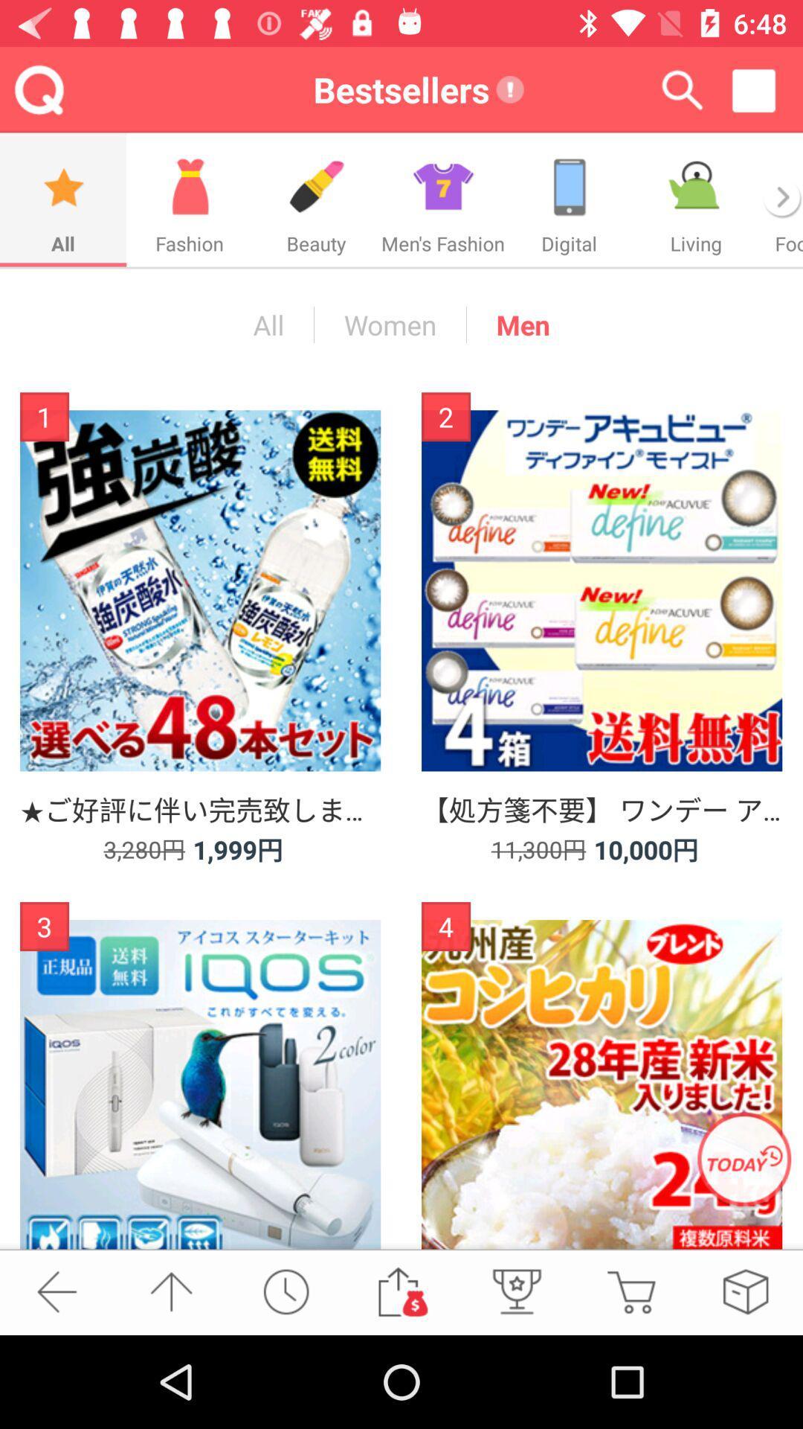 This screenshot has height=1429, width=803. What do you see at coordinates (170, 1291) in the screenshot?
I see `the arrow_upward icon` at bounding box center [170, 1291].